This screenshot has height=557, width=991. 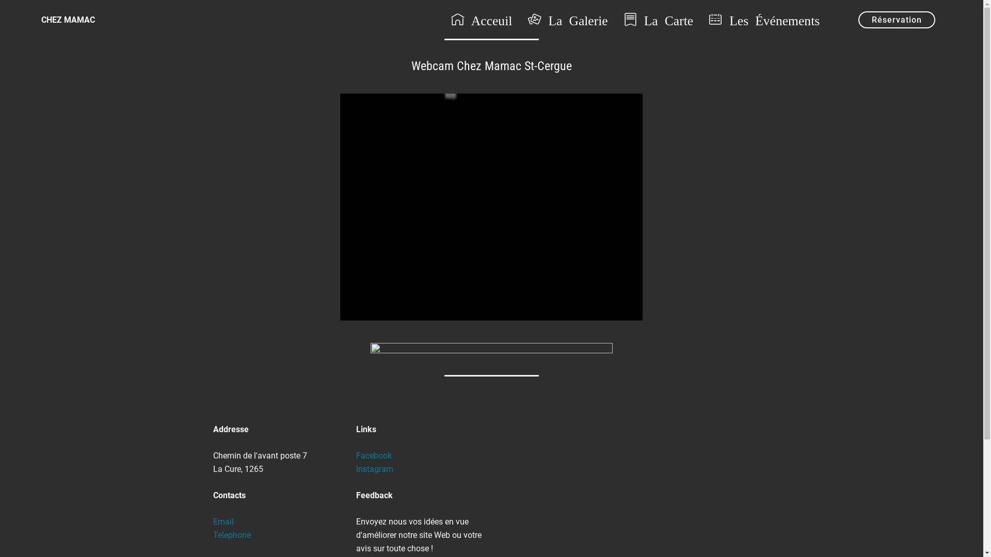 What do you see at coordinates (222, 521) in the screenshot?
I see `'Email'` at bounding box center [222, 521].